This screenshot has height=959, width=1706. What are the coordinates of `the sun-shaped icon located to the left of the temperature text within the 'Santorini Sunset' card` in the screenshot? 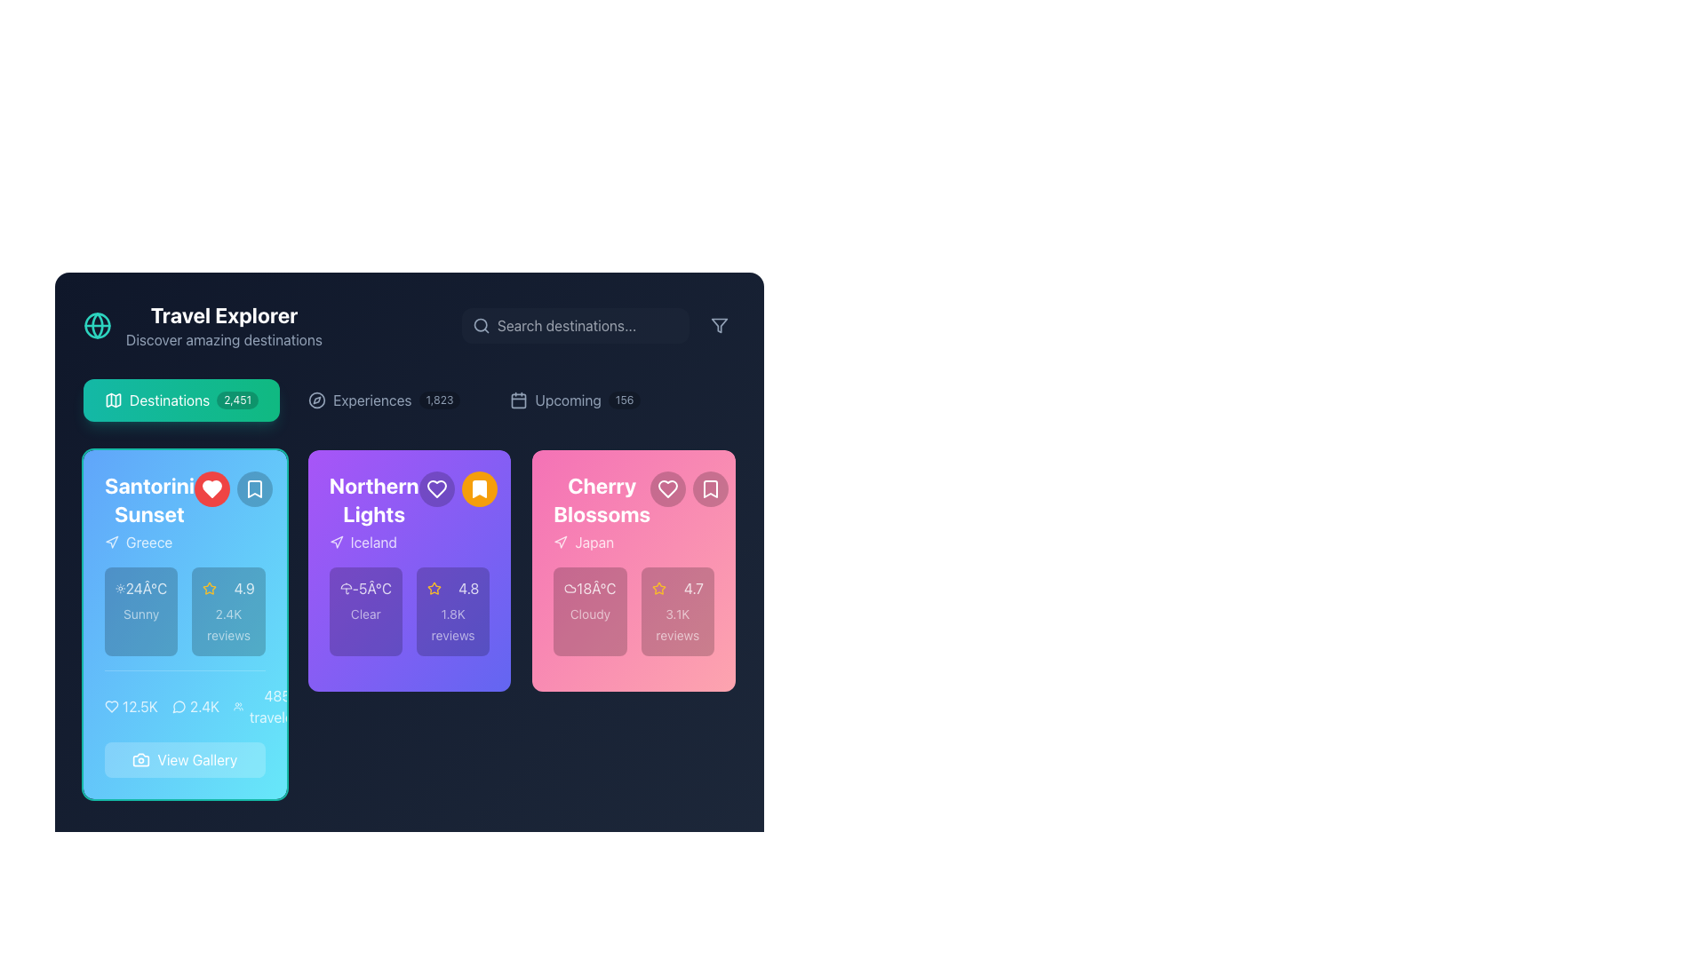 It's located at (119, 589).